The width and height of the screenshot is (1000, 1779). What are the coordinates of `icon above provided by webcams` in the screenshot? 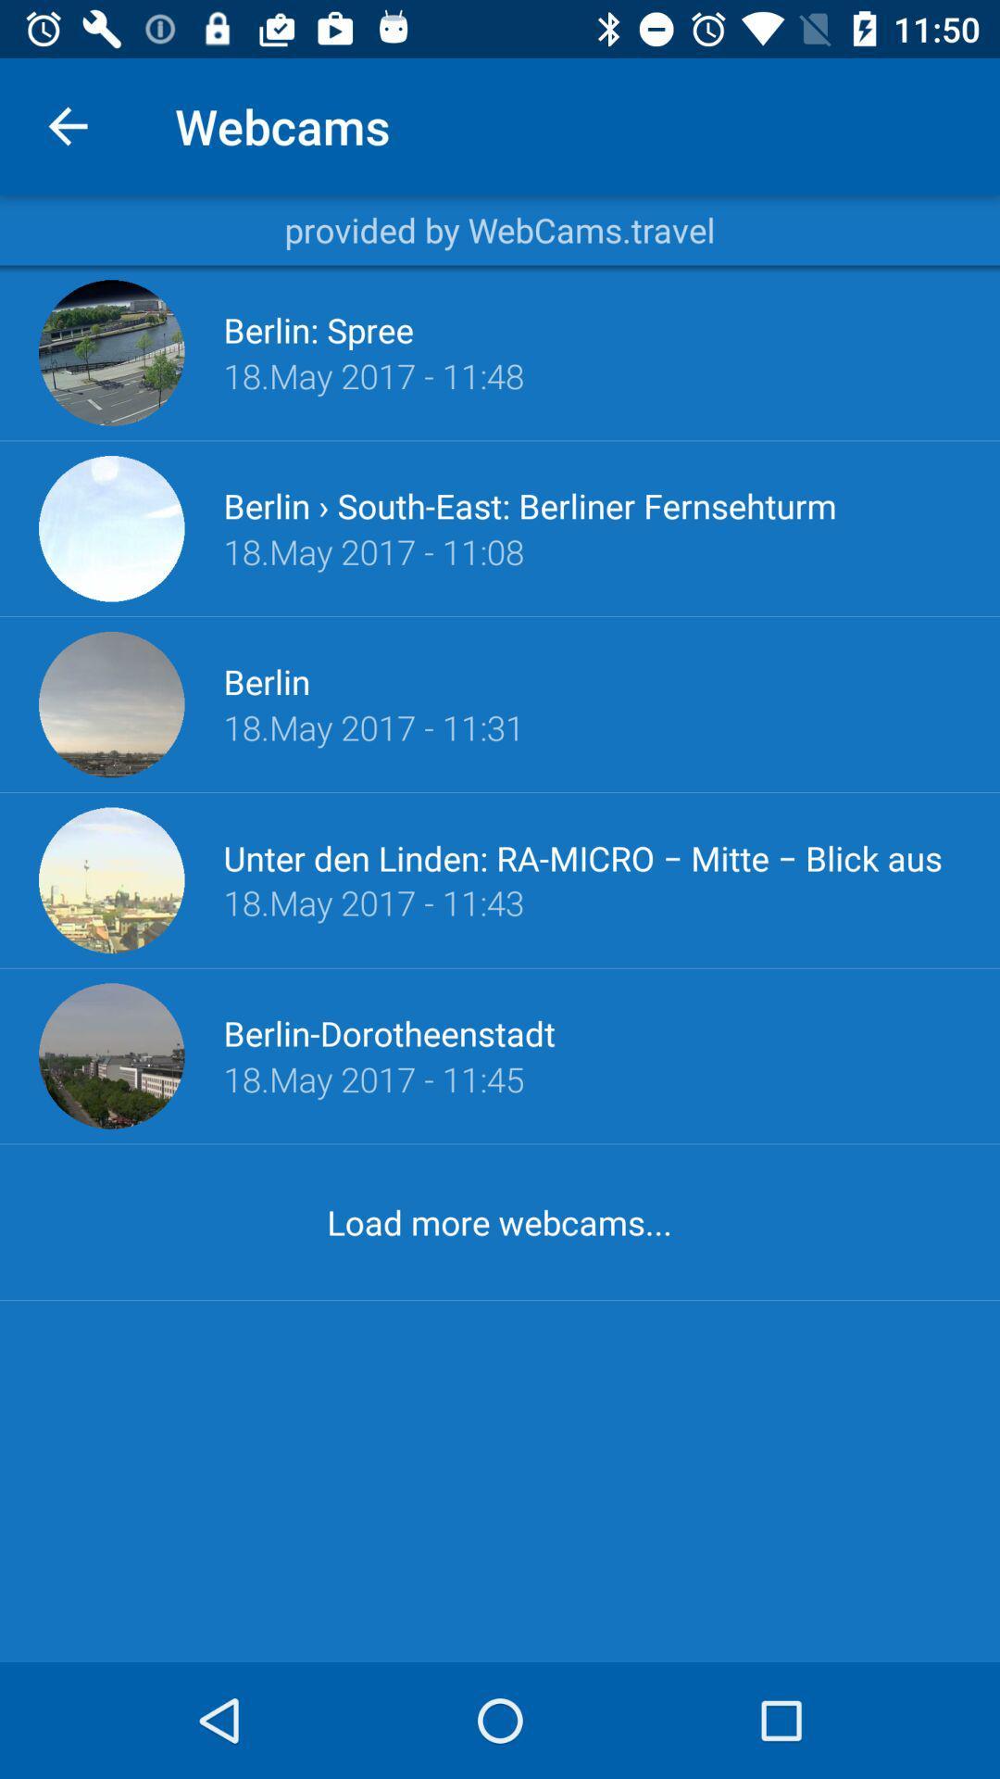 It's located at (67, 125).